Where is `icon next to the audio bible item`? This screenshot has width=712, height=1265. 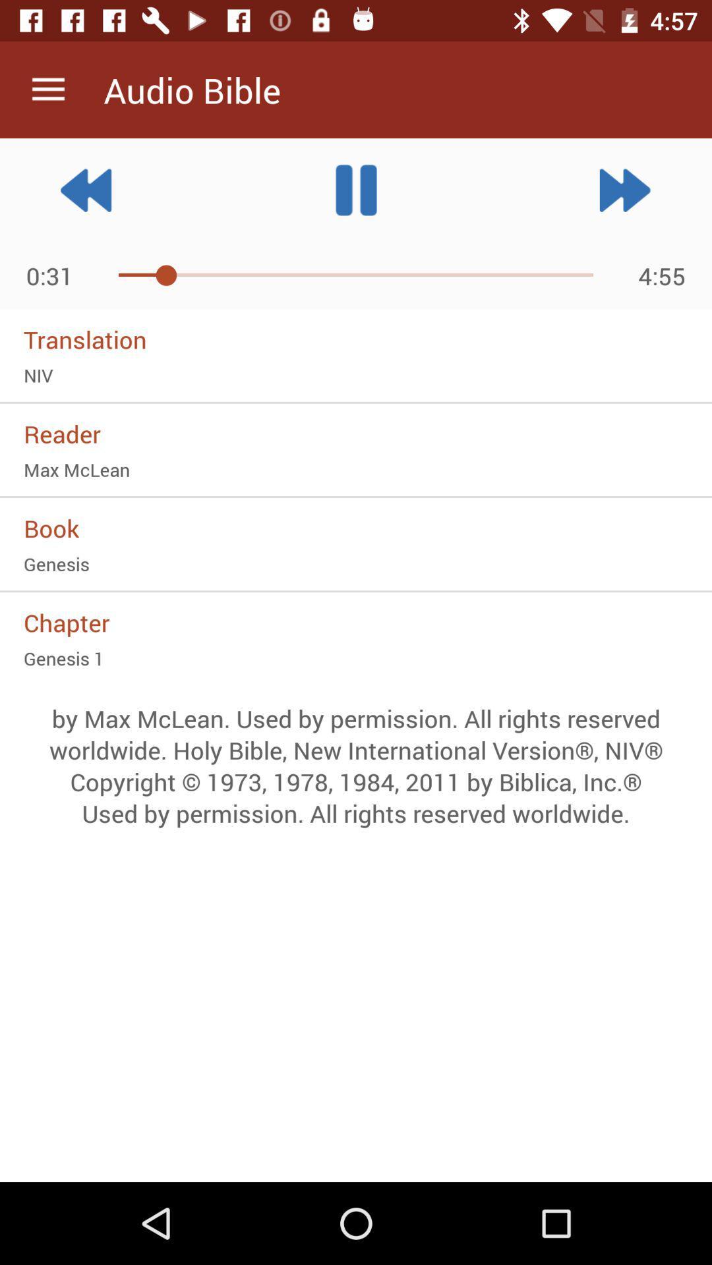 icon next to the audio bible item is located at coordinates (47, 89).